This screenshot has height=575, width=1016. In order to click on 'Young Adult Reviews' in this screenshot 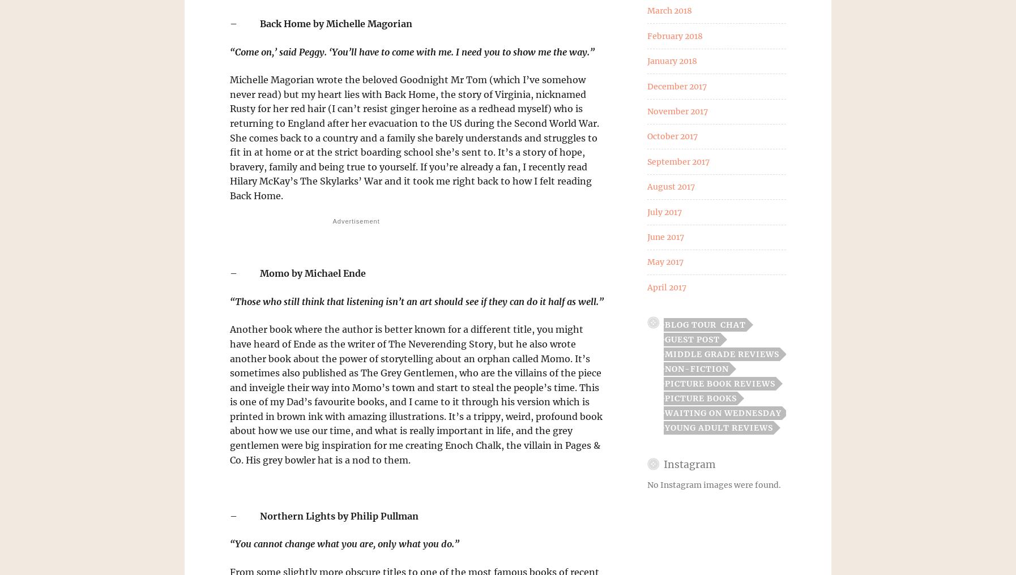, I will do `click(718, 428)`.